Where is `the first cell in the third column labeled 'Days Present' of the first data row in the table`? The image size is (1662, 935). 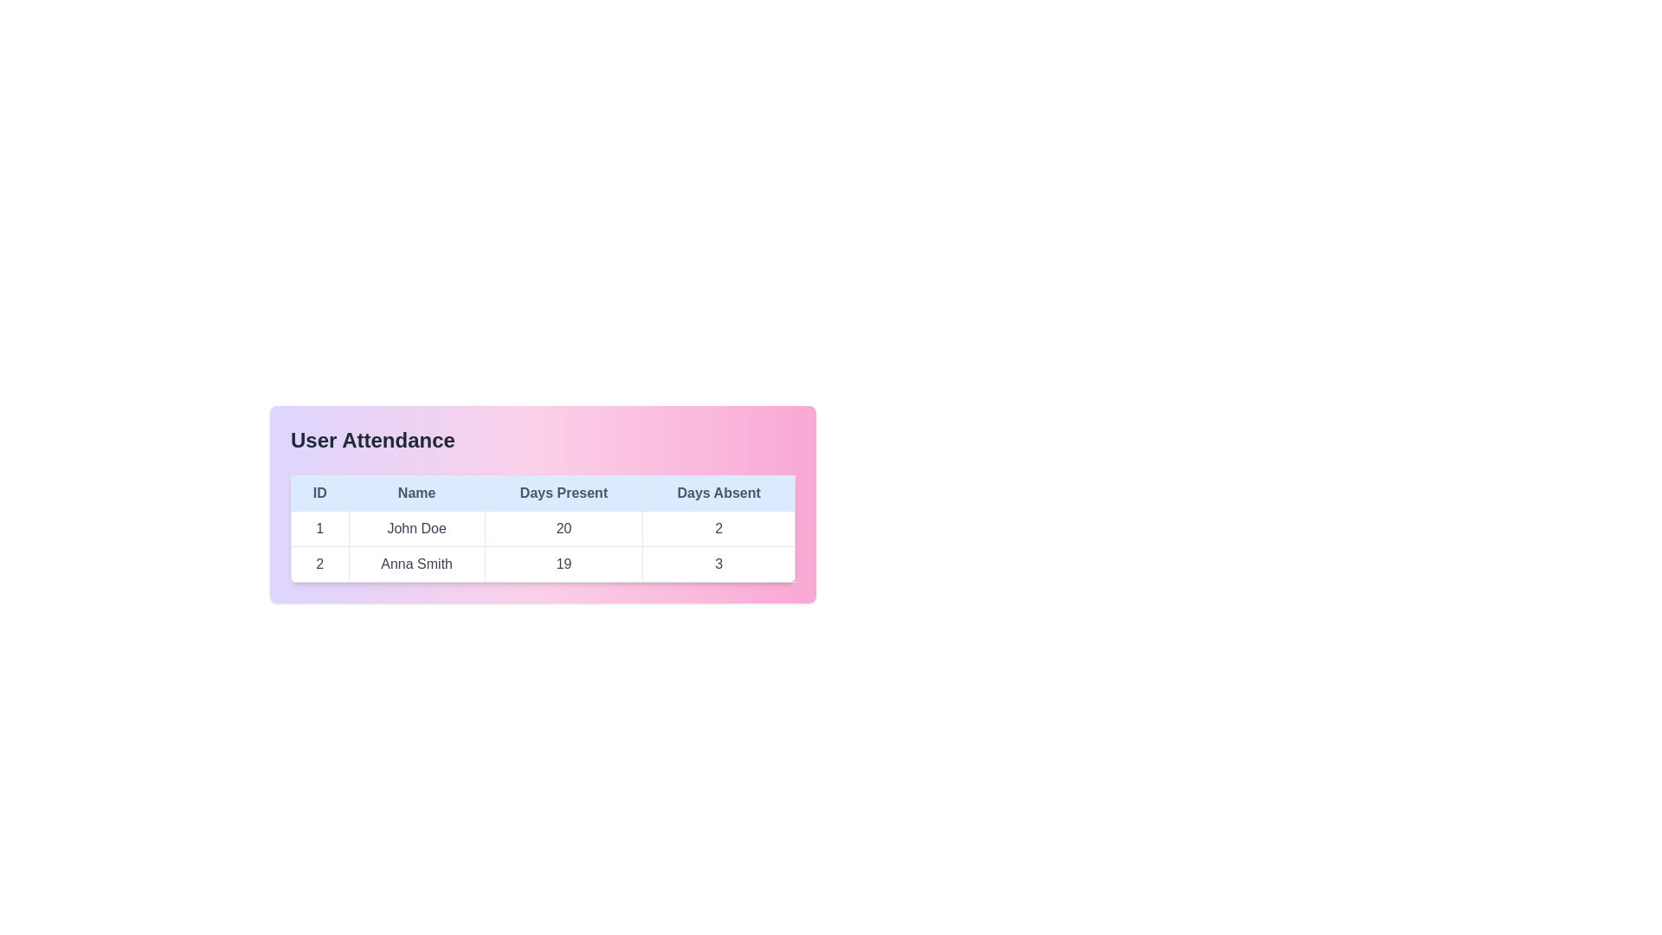 the first cell in the third column labeled 'Days Present' of the first data row in the table is located at coordinates (542, 546).